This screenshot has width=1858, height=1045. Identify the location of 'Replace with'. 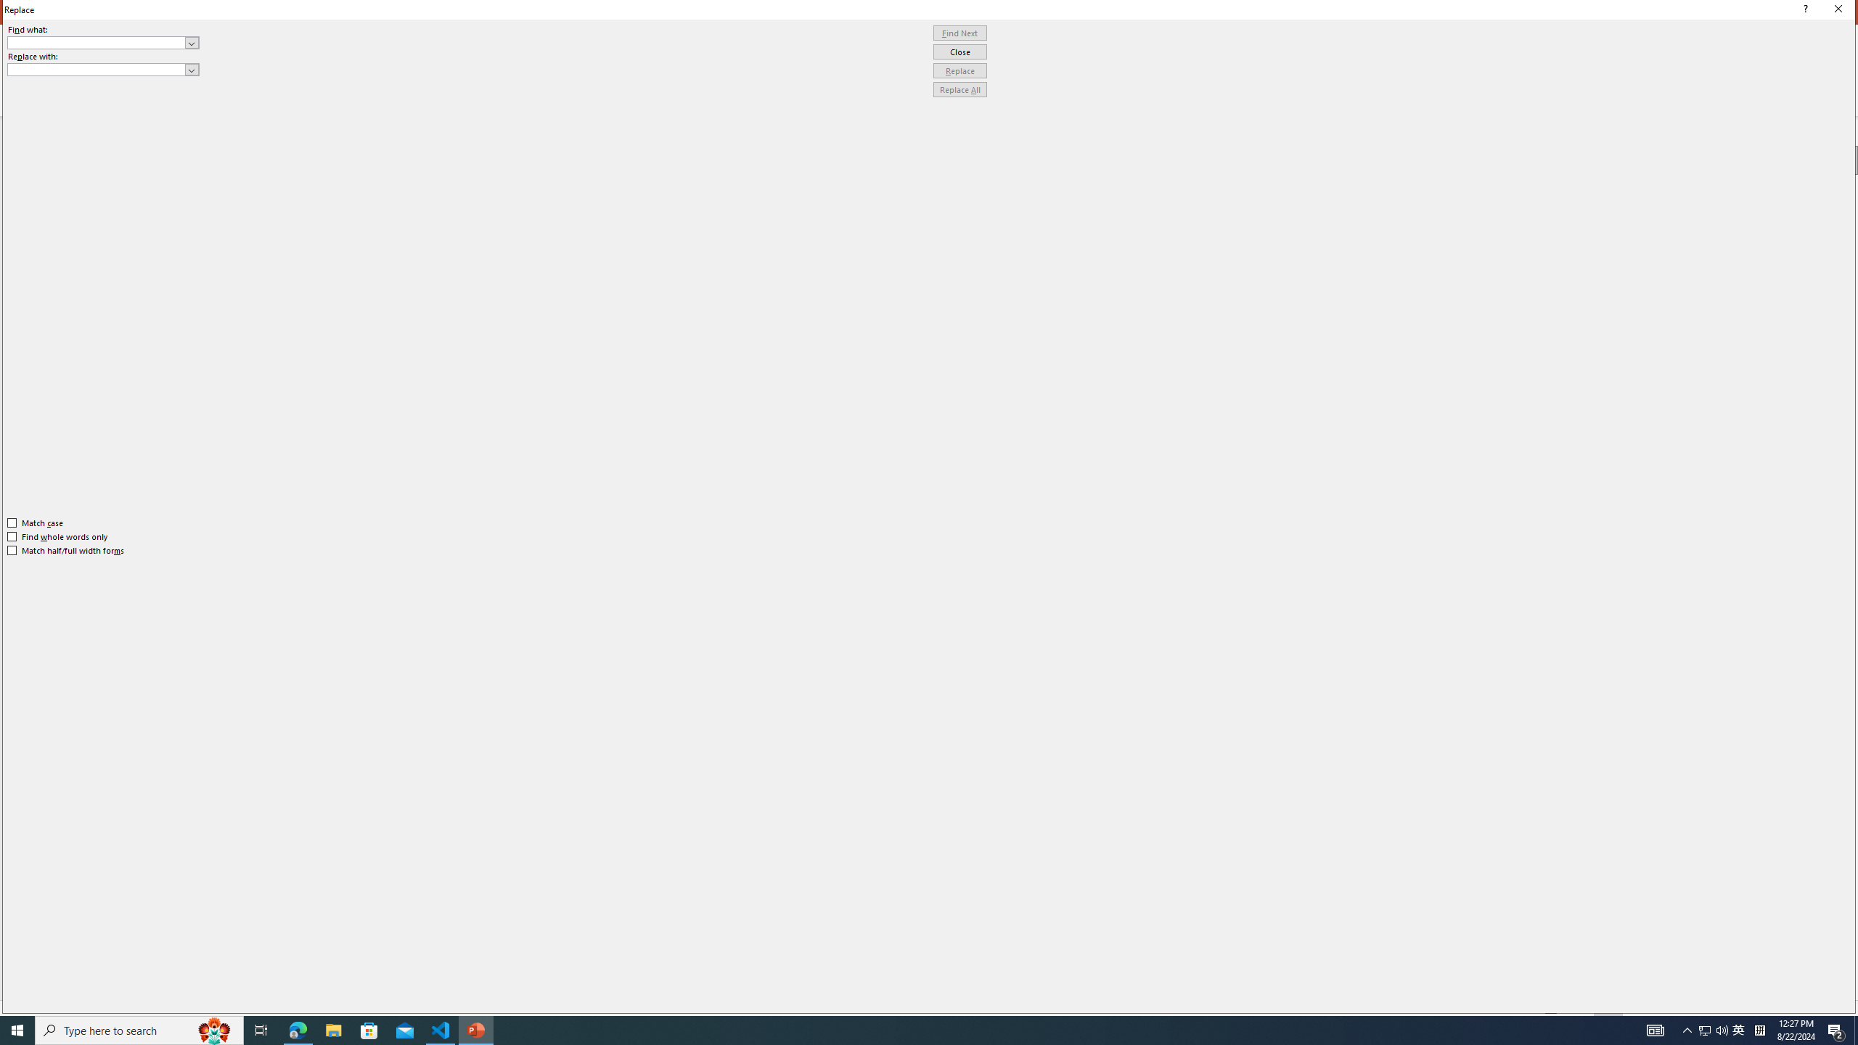
(97, 69).